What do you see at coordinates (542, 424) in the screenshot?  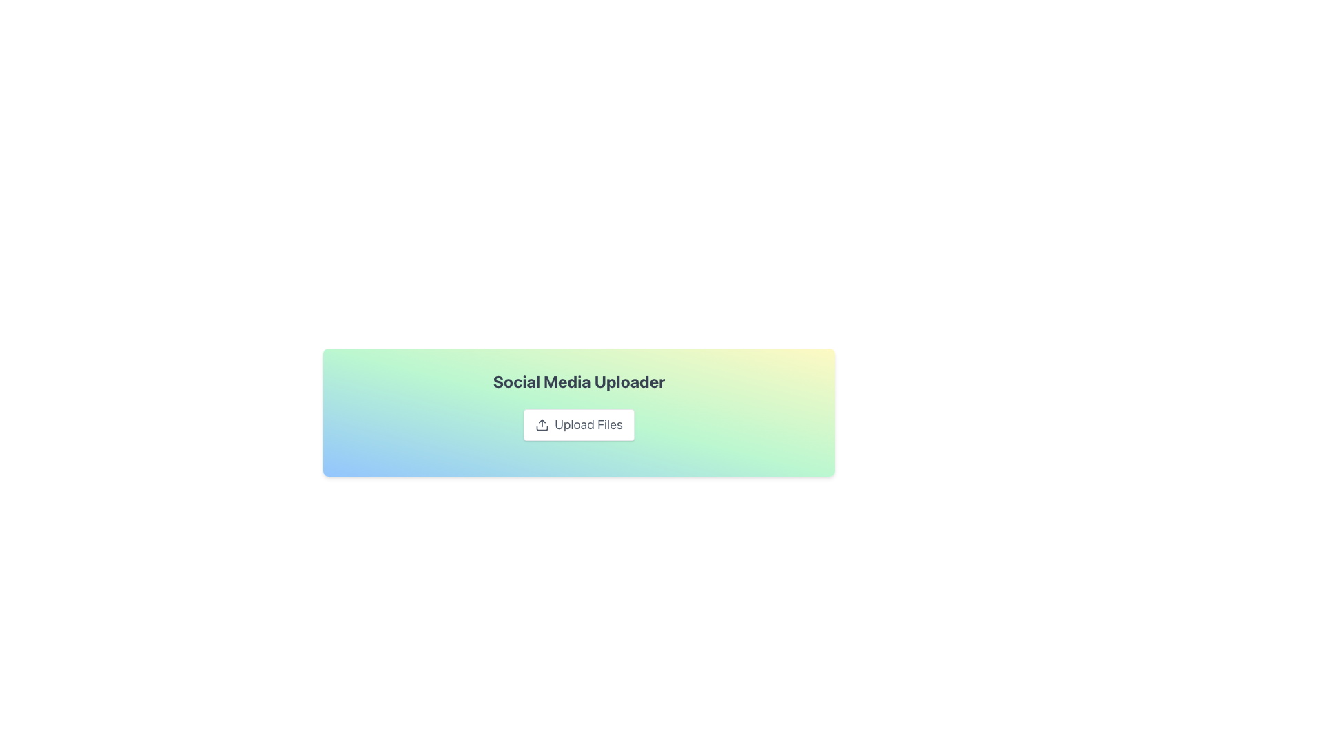 I see `the upload arrow icon located to the left of the 'Upload Files' button for interaction` at bounding box center [542, 424].